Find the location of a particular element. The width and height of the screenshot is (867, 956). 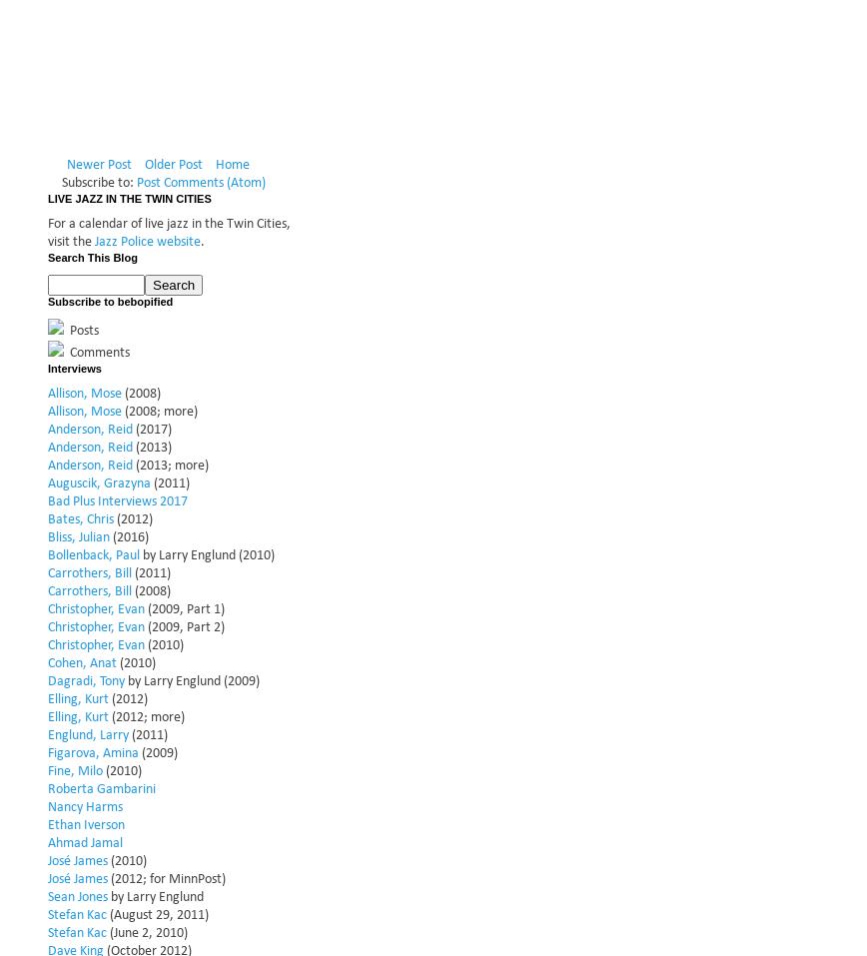

'Home' is located at coordinates (215, 164).